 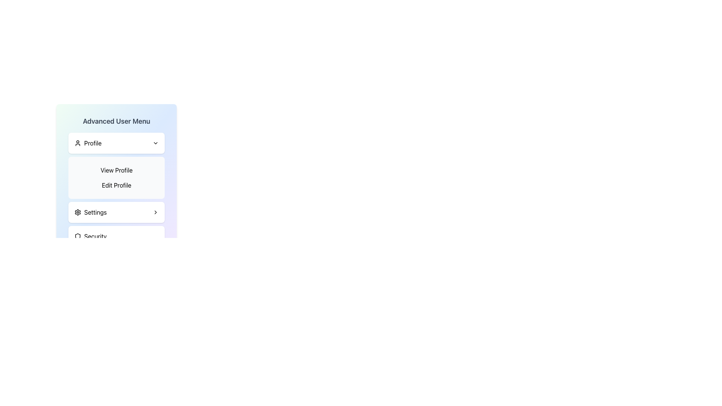 What do you see at coordinates (116, 165) in the screenshot?
I see `the 'View Profile' option in the dropdown menu located beneath the 'Profile' header` at bounding box center [116, 165].